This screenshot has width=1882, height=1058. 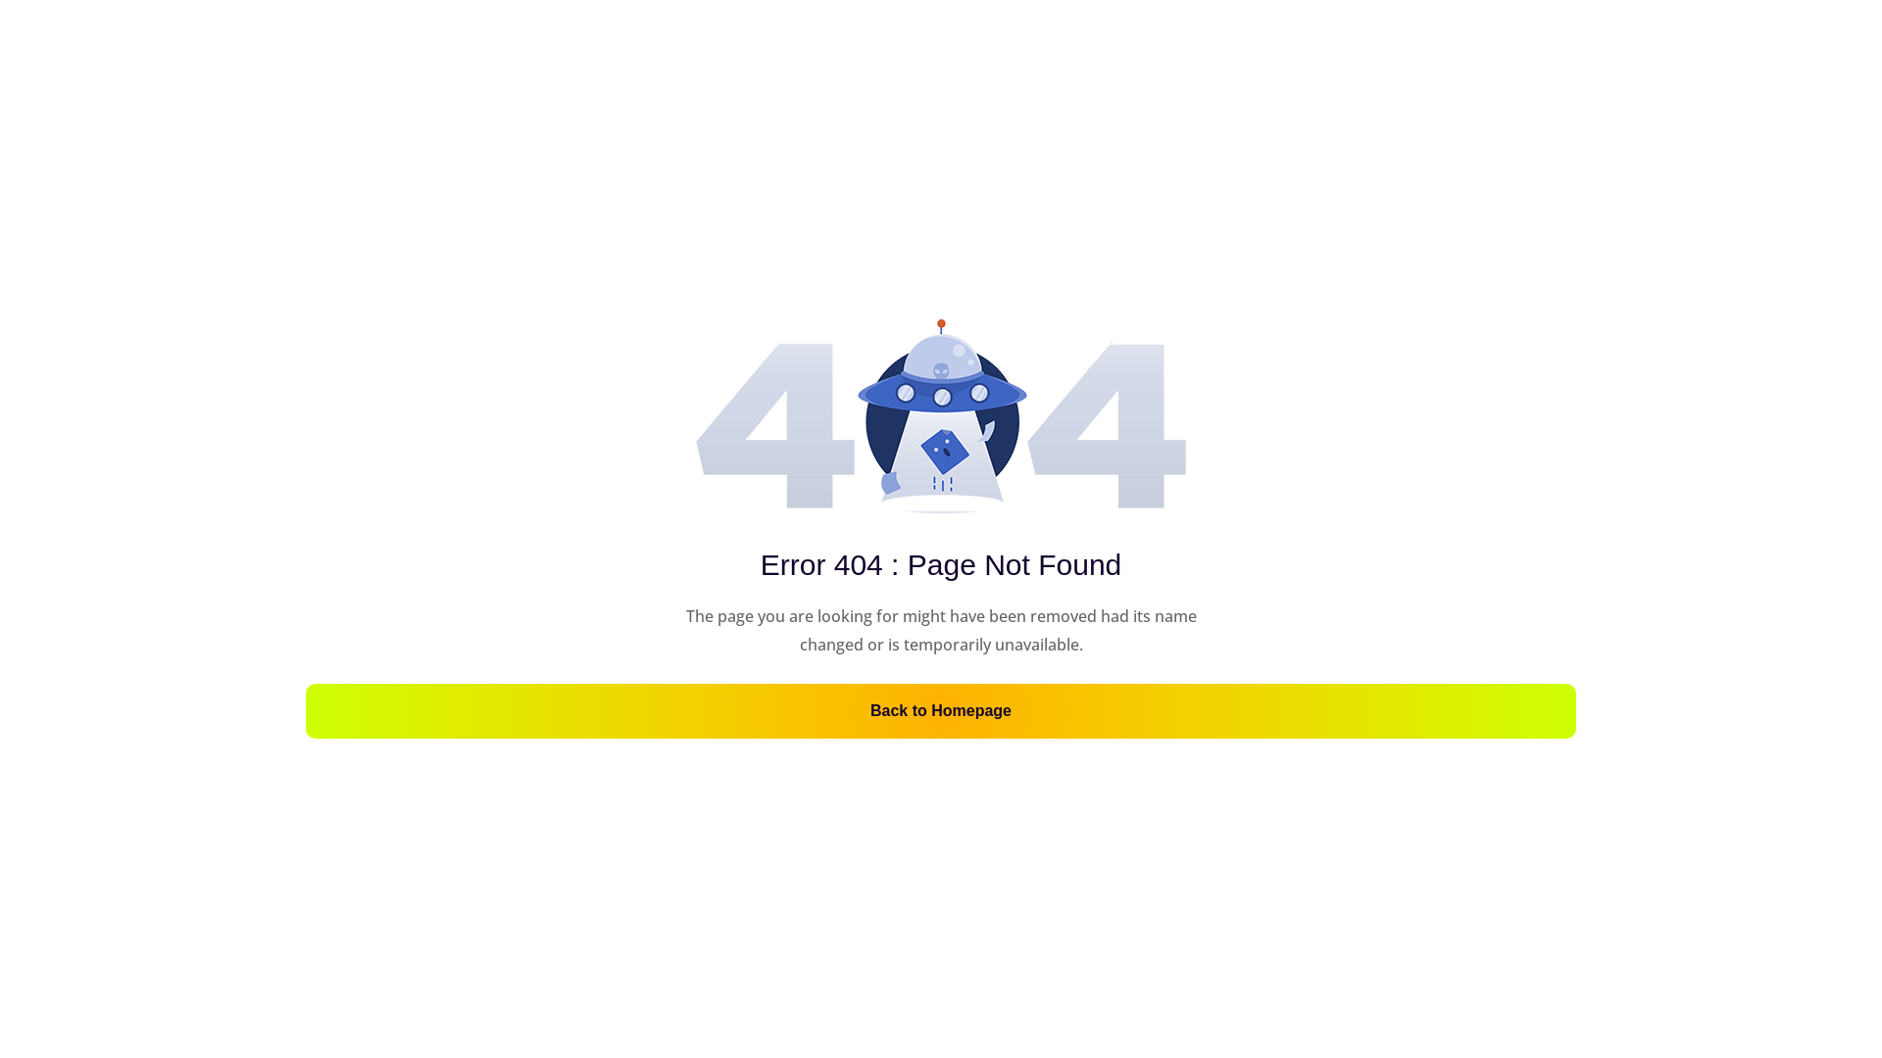 I want to click on 'Back to Homepage', so click(x=941, y=710).